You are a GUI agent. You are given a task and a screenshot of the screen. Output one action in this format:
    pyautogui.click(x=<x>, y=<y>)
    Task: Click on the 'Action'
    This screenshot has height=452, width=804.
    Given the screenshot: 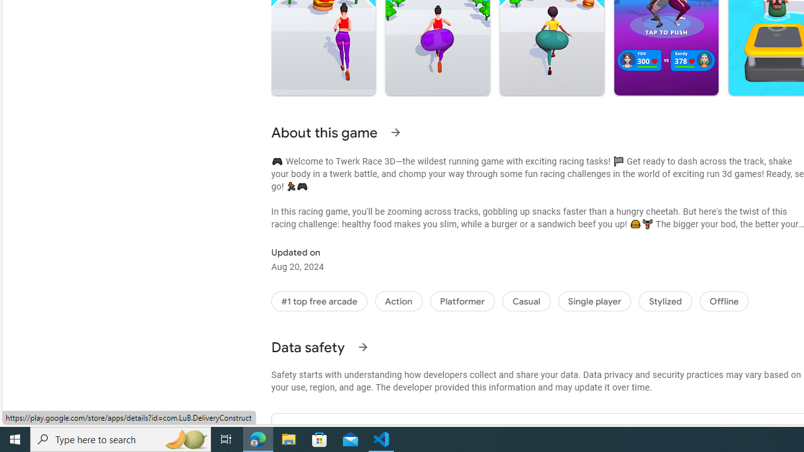 What is the action you would take?
    pyautogui.click(x=398, y=301)
    